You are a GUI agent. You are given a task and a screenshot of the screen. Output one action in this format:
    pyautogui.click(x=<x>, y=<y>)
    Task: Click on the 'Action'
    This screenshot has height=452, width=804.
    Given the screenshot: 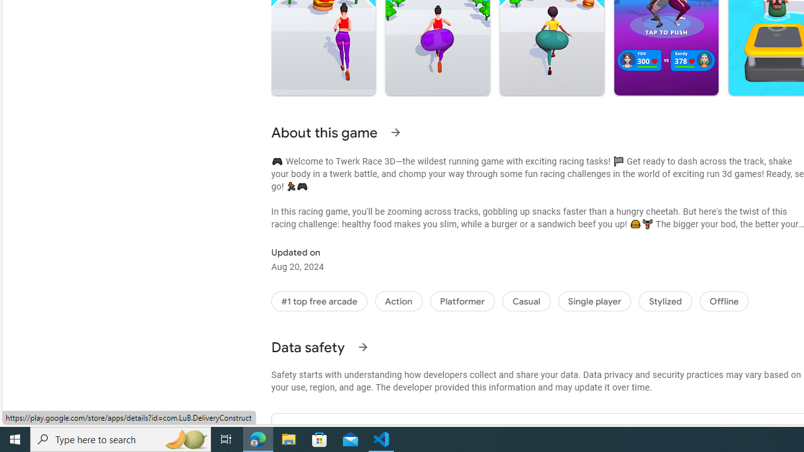 What is the action you would take?
    pyautogui.click(x=398, y=301)
    